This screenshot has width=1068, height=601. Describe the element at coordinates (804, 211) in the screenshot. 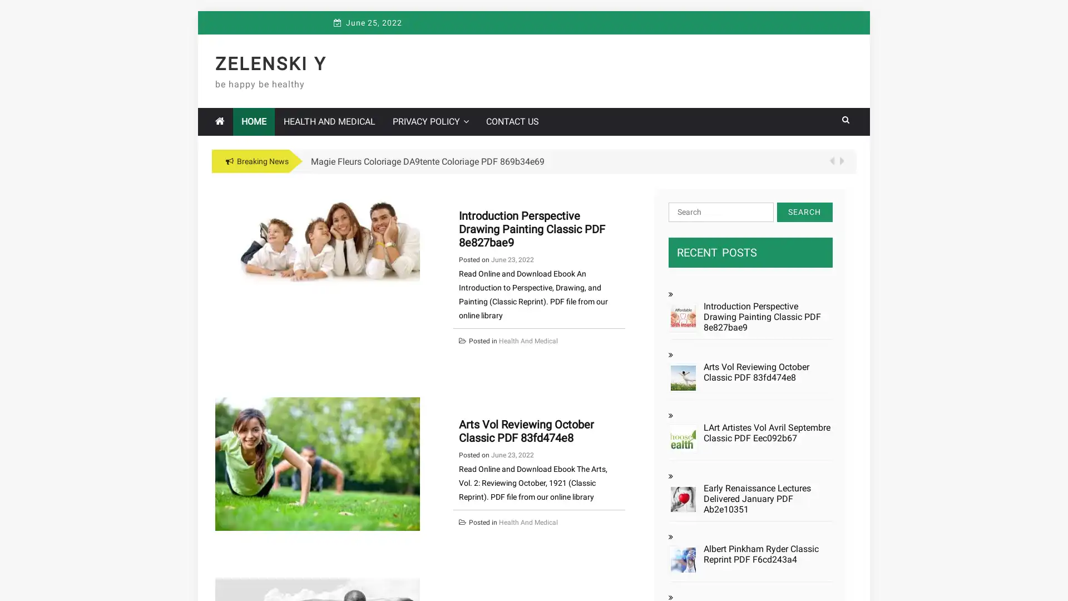

I see `Search` at that location.